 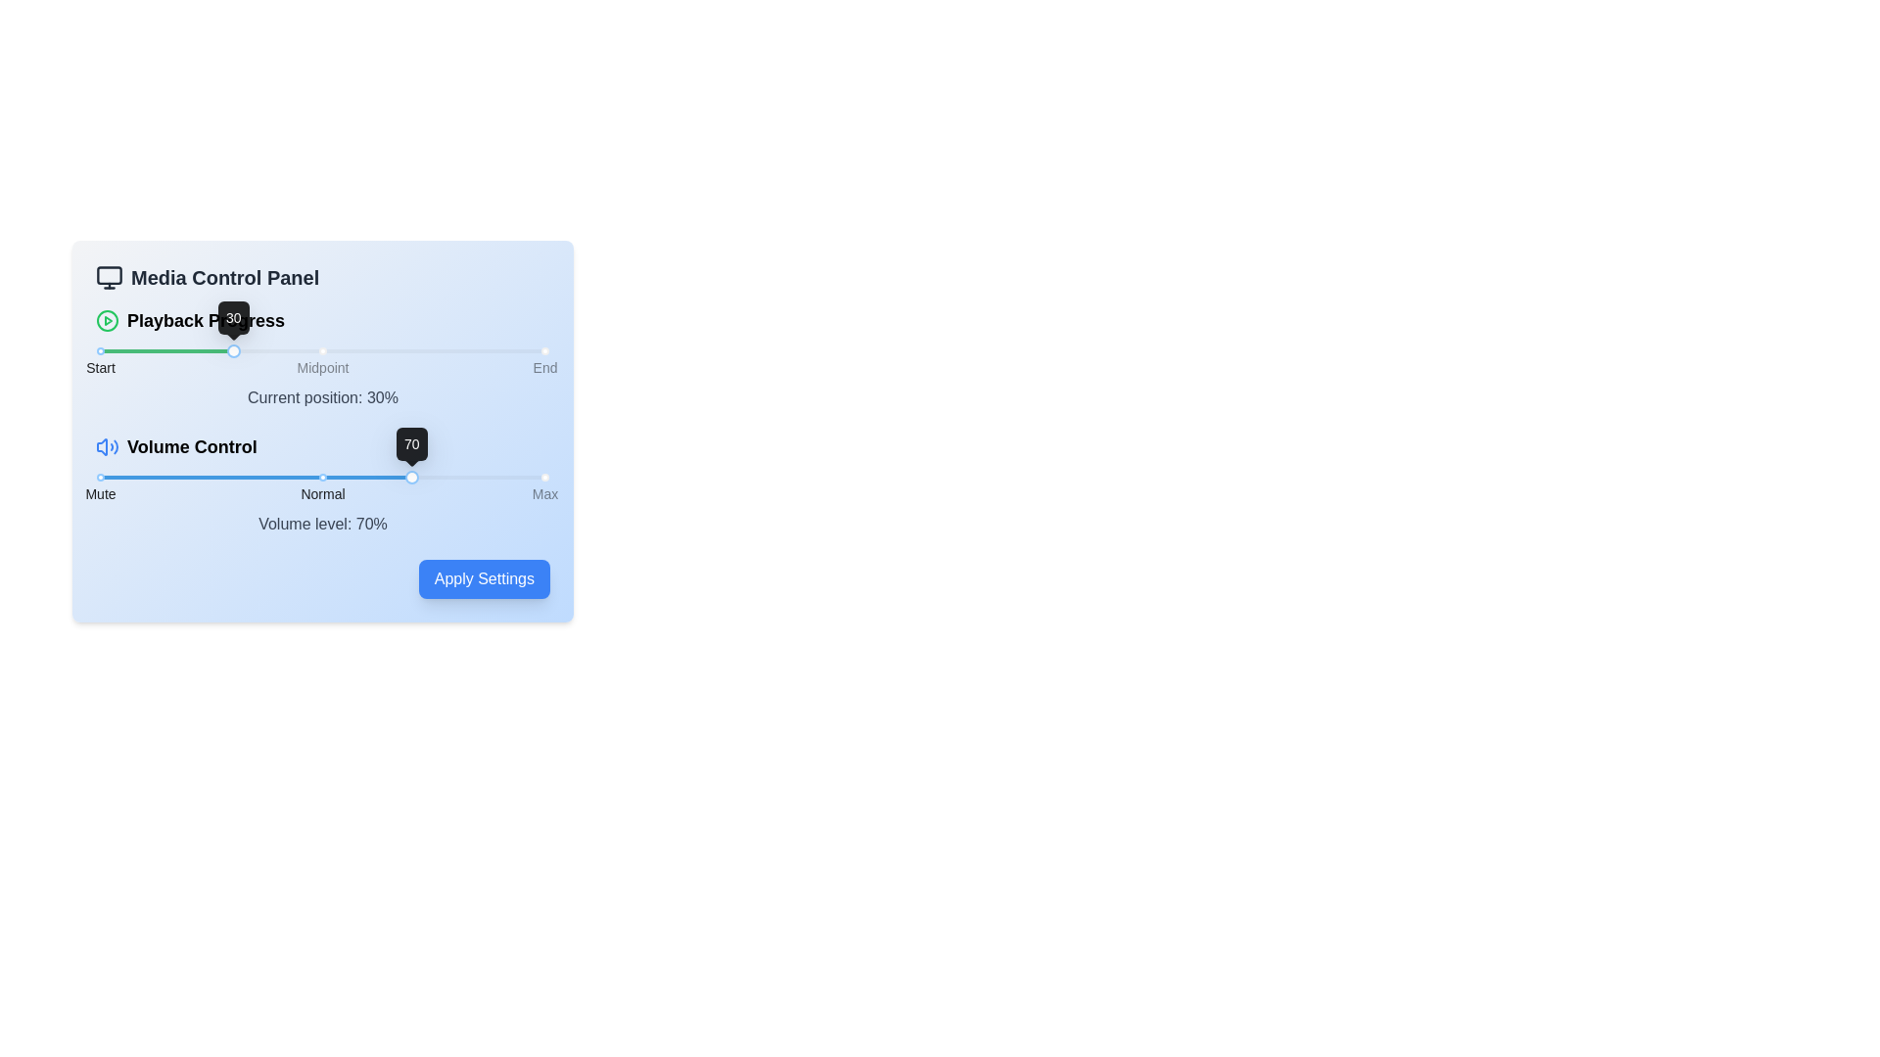 What do you see at coordinates (113, 478) in the screenshot?
I see `the slider` at bounding box center [113, 478].